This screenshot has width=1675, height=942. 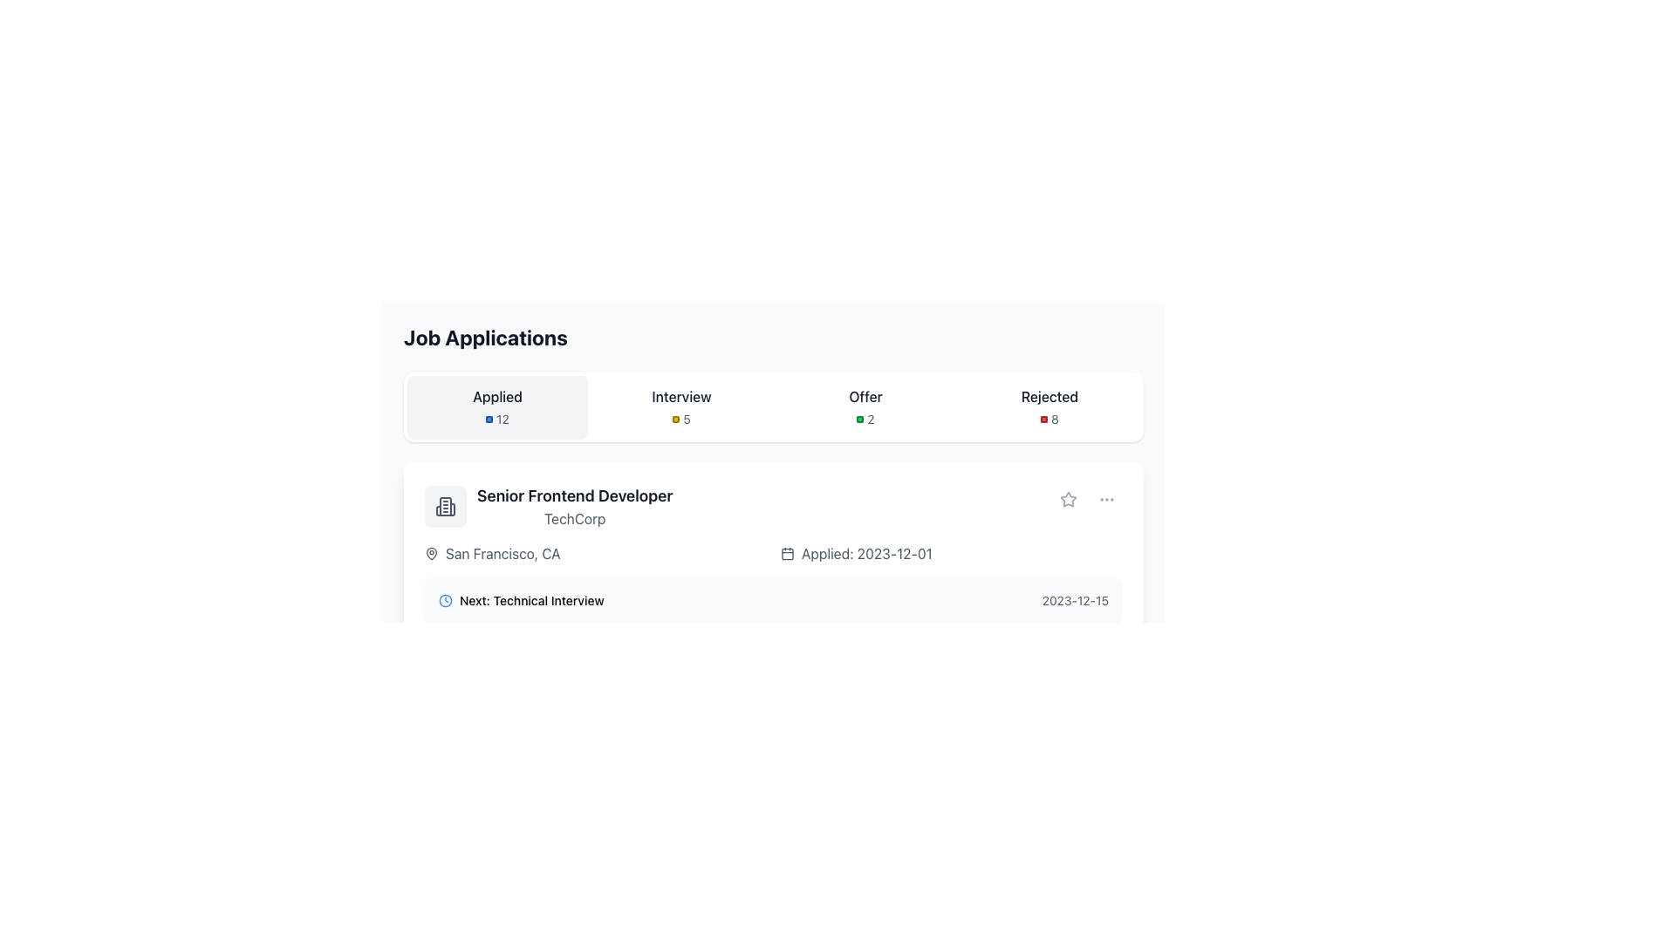 What do you see at coordinates (431, 554) in the screenshot?
I see `the map pin icon located to the left of the text 'San Francisco, CA', which serves as a location indicator` at bounding box center [431, 554].